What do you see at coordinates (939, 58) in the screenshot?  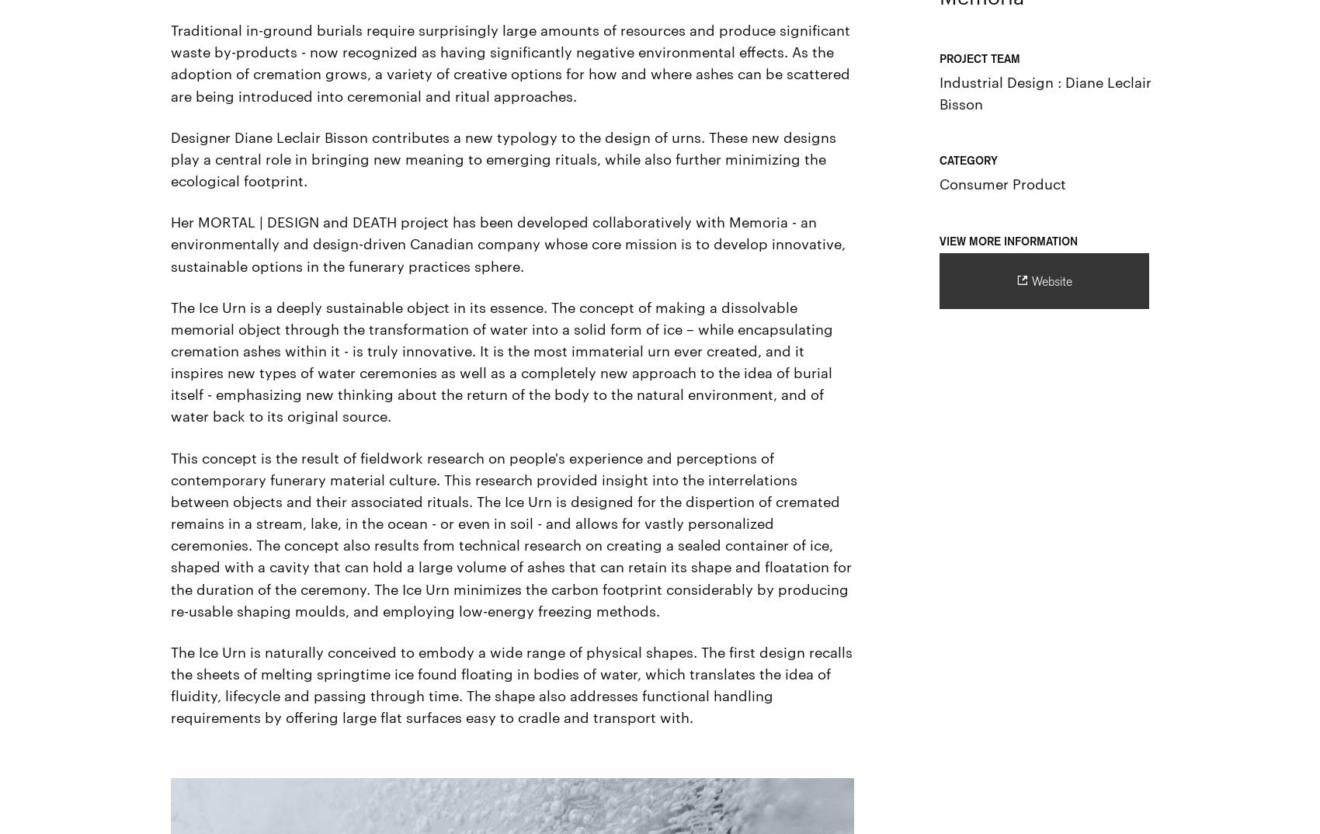 I see `'Project Team'` at bounding box center [939, 58].